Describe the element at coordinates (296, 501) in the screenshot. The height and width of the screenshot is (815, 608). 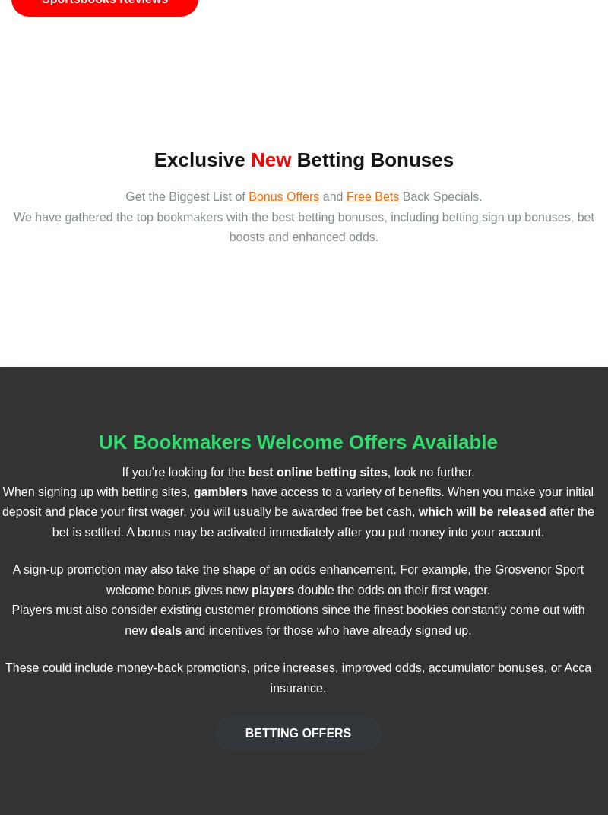
I see `'have access to a variety of benefits. When you make your initial deposit and place your first wager, you will usually be awarded free bet cash,'` at that location.